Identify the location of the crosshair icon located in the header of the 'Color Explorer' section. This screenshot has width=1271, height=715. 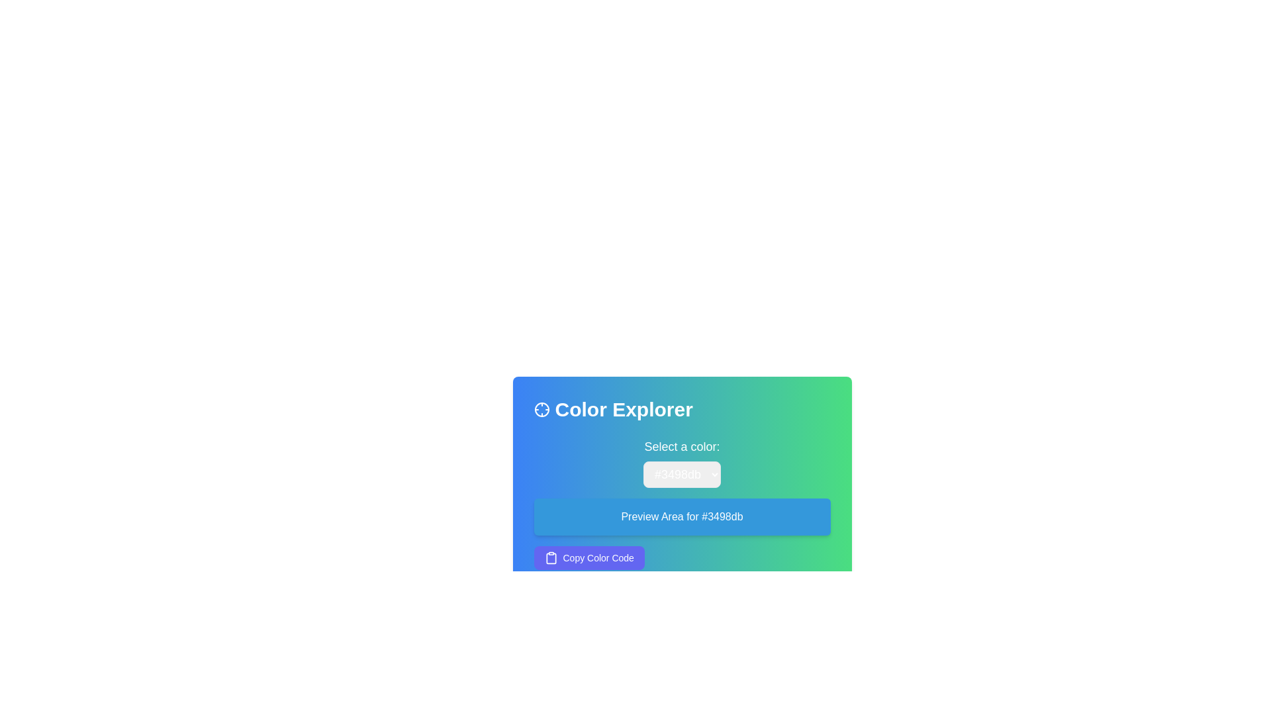
(541, 408).